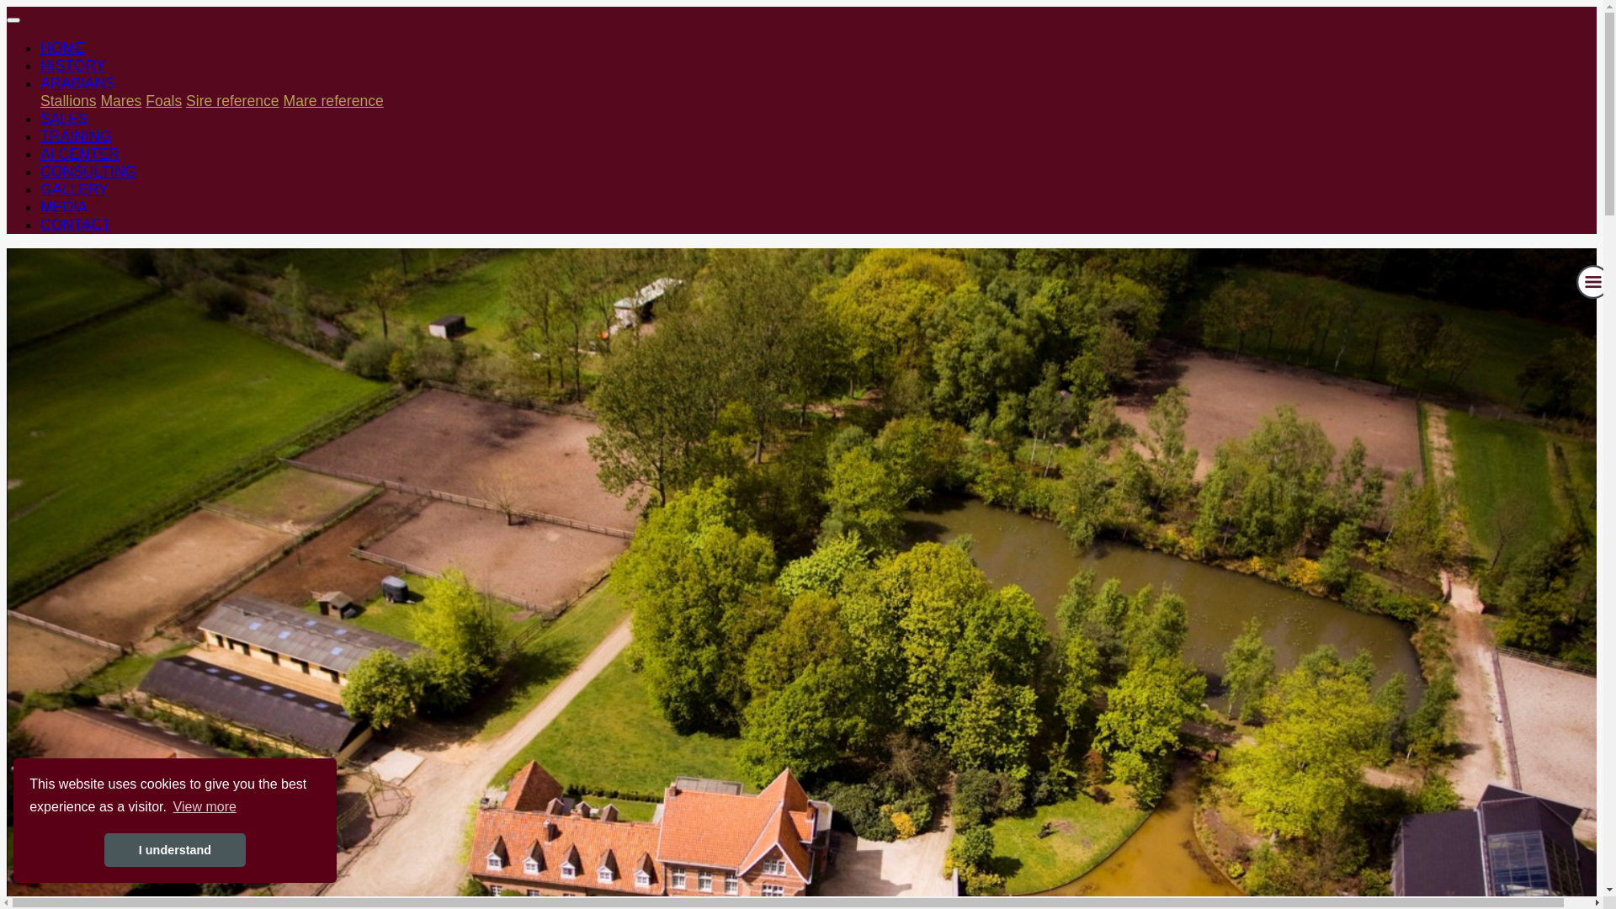 Image resolution: width=1616 pixels, height=909 pixels. I want to click on 'AI CENTER', so click(79, 153).